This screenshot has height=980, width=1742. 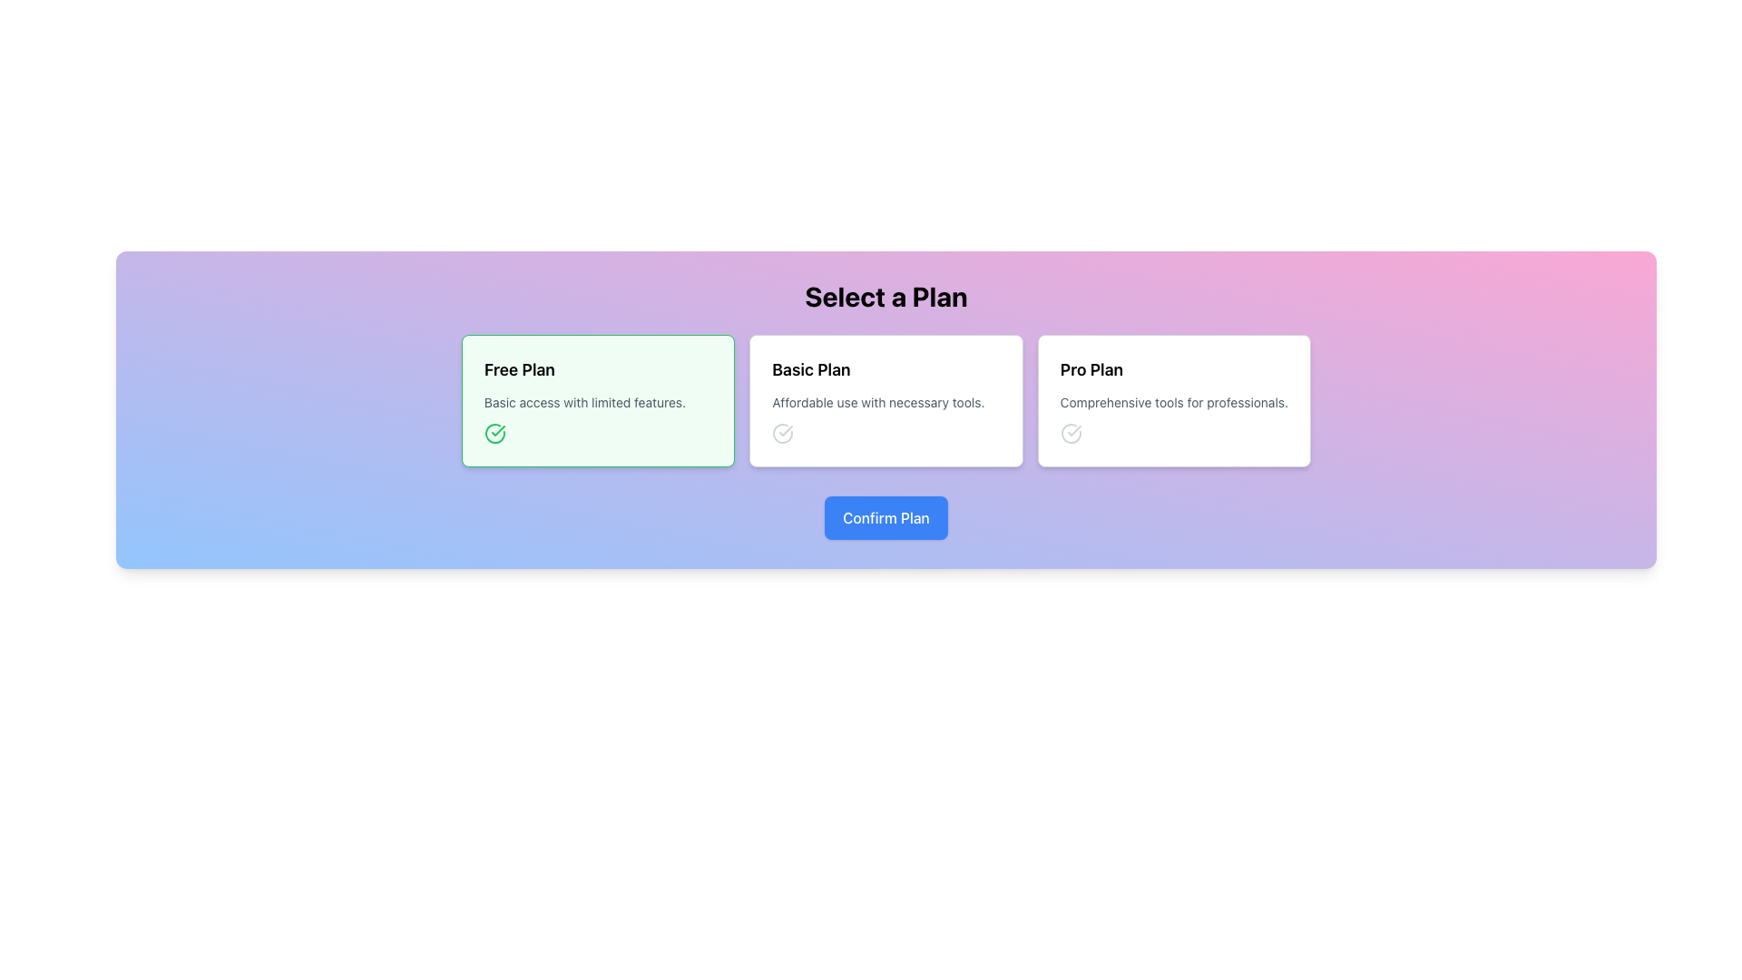 I want to click on the green checkmark icon in the lower-left corner of the 'Free Plan' card, which is an SVG vector graphic, so click(x=1074, y=430).